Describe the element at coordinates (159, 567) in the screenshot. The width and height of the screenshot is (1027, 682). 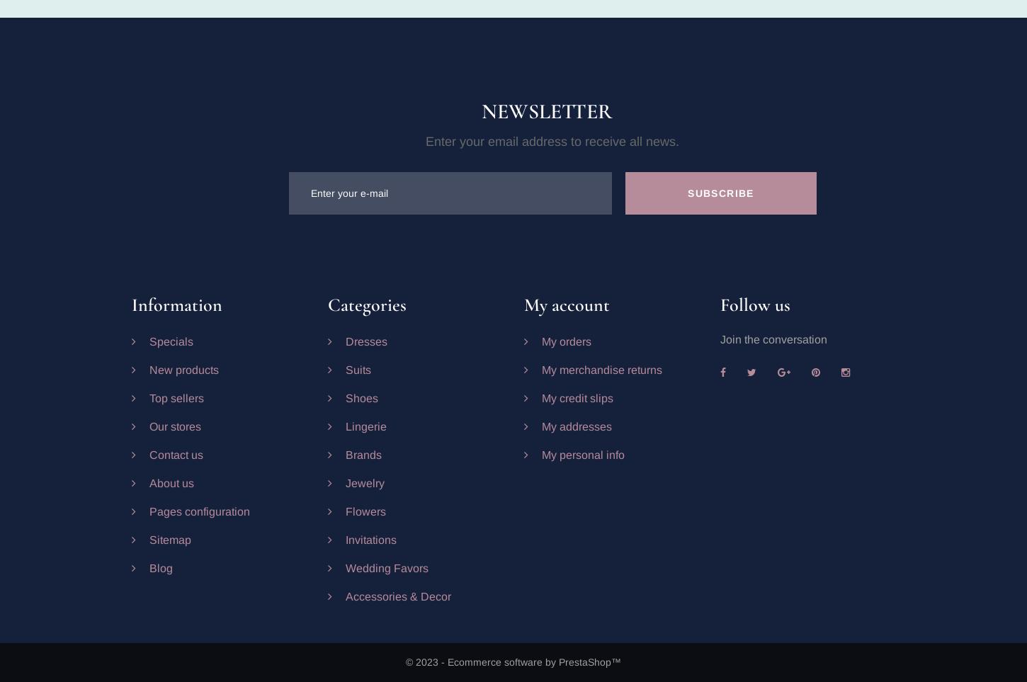
I see `'Blog'` at that location.